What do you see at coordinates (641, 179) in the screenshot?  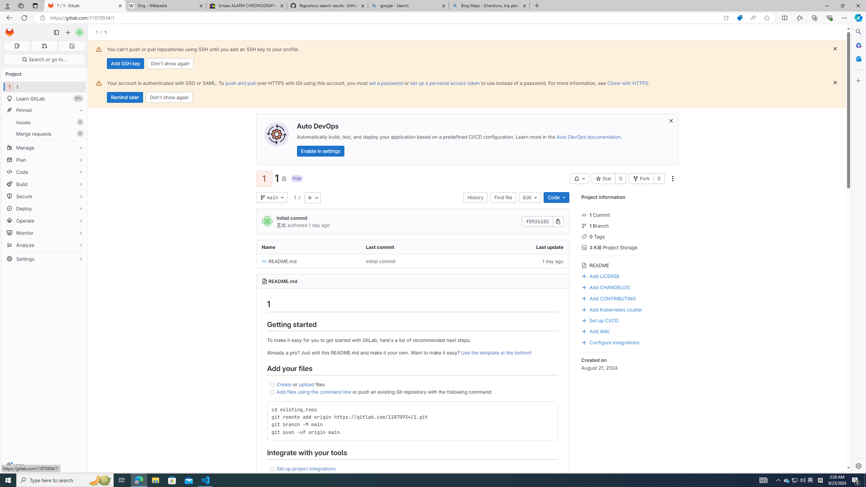 I see `'Fork'` at bounding box center [641, 179].